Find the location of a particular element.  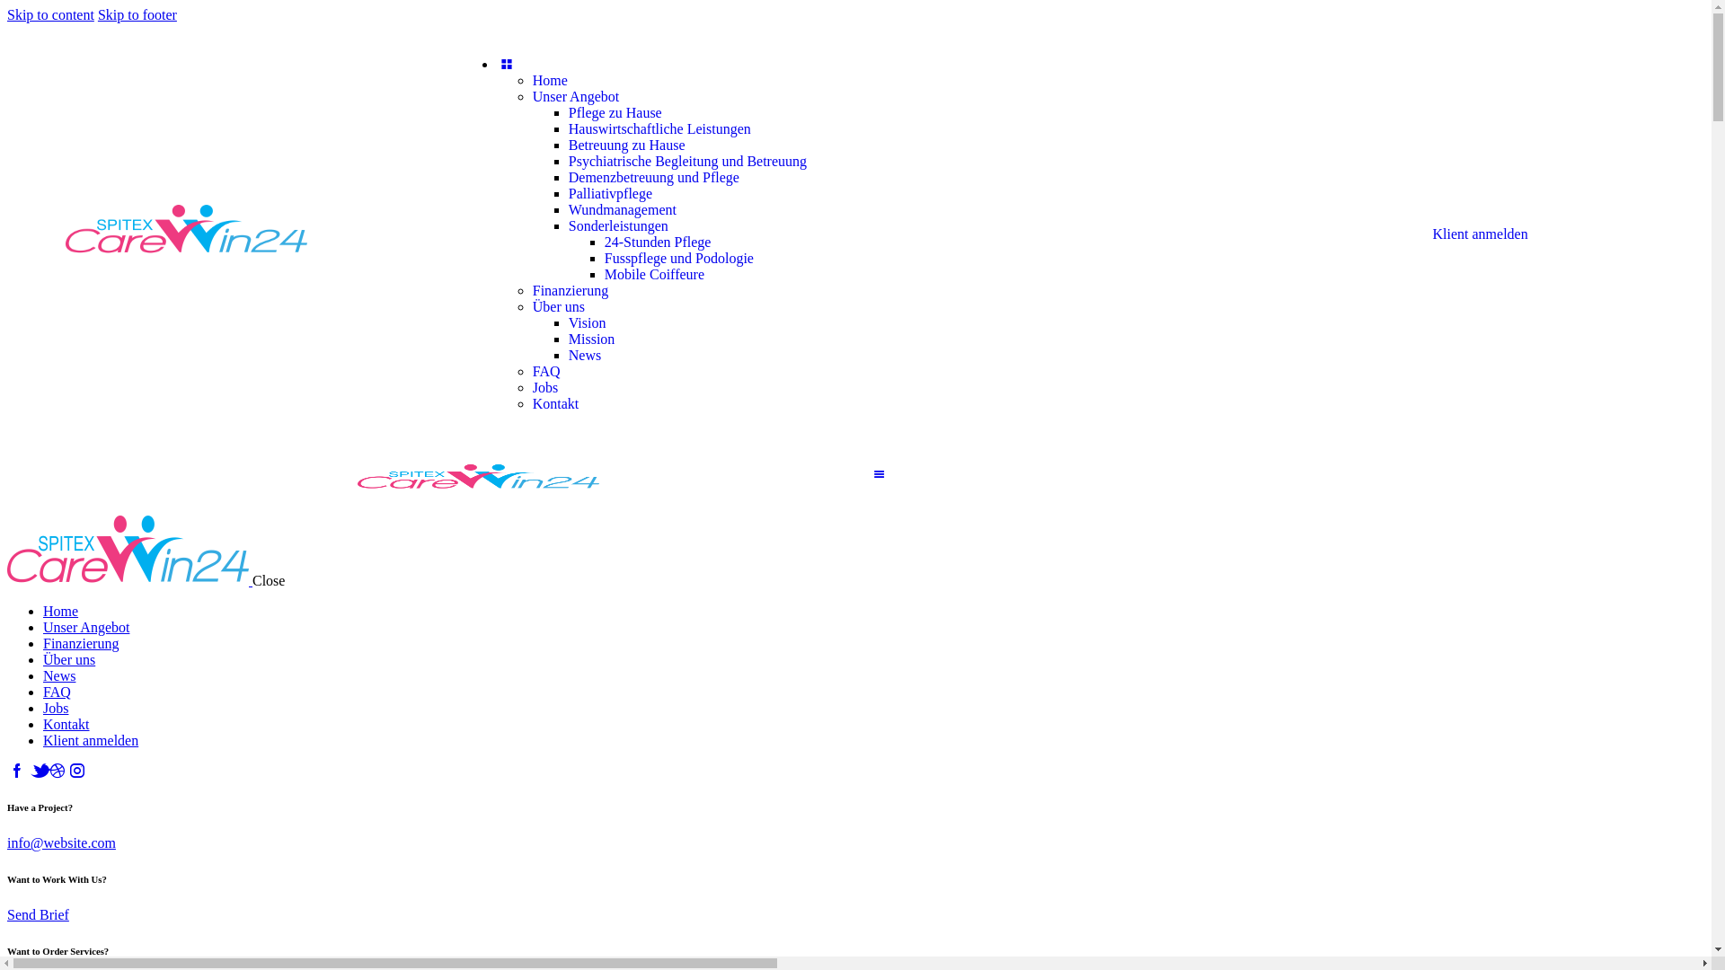

'Demenzbetreuung und Pflege' is located at coordinates (653, 177).